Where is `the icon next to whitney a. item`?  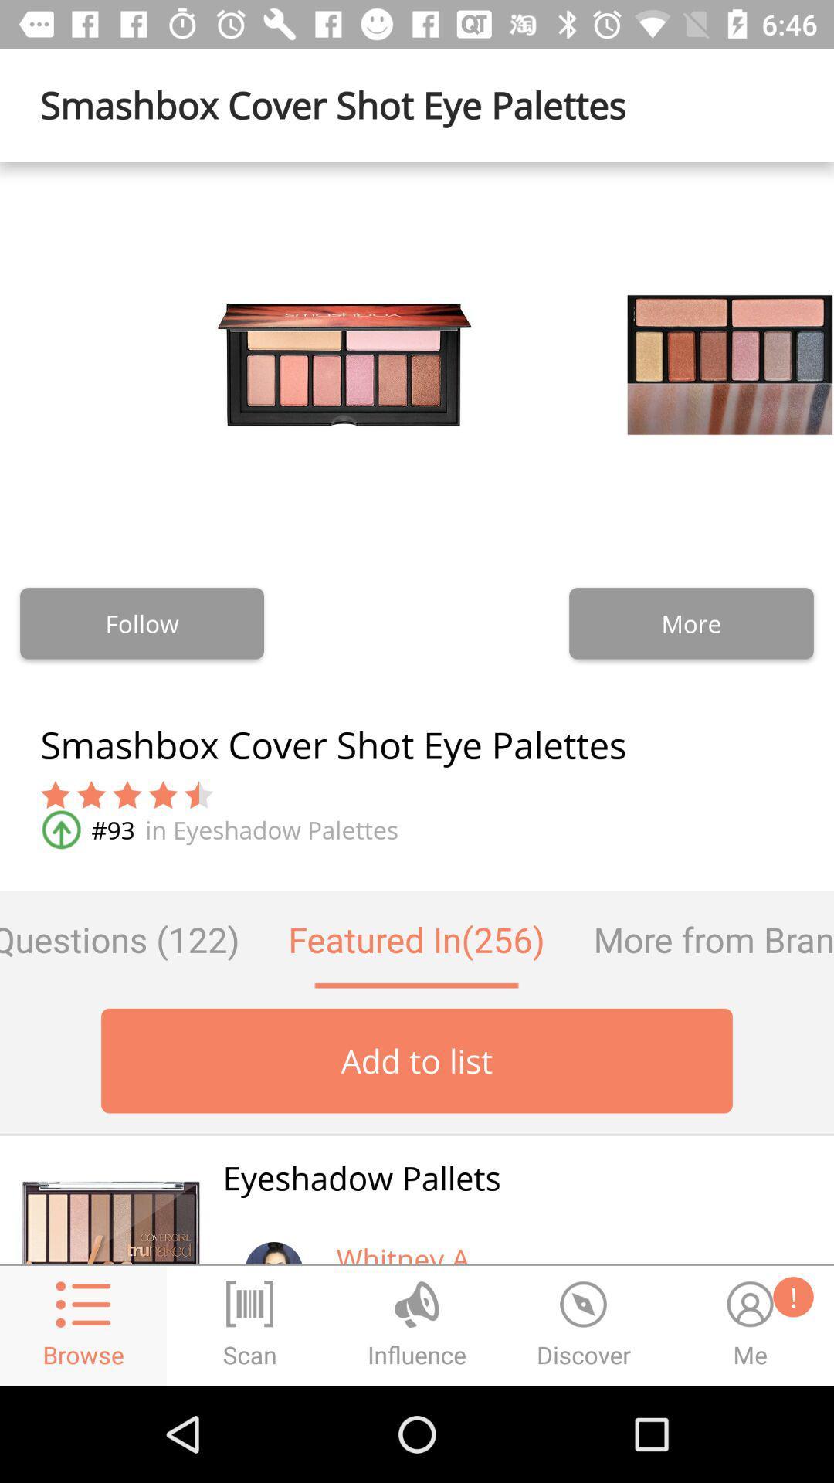
the icon next to whitney a. item is located at coordinates (273, 1242).